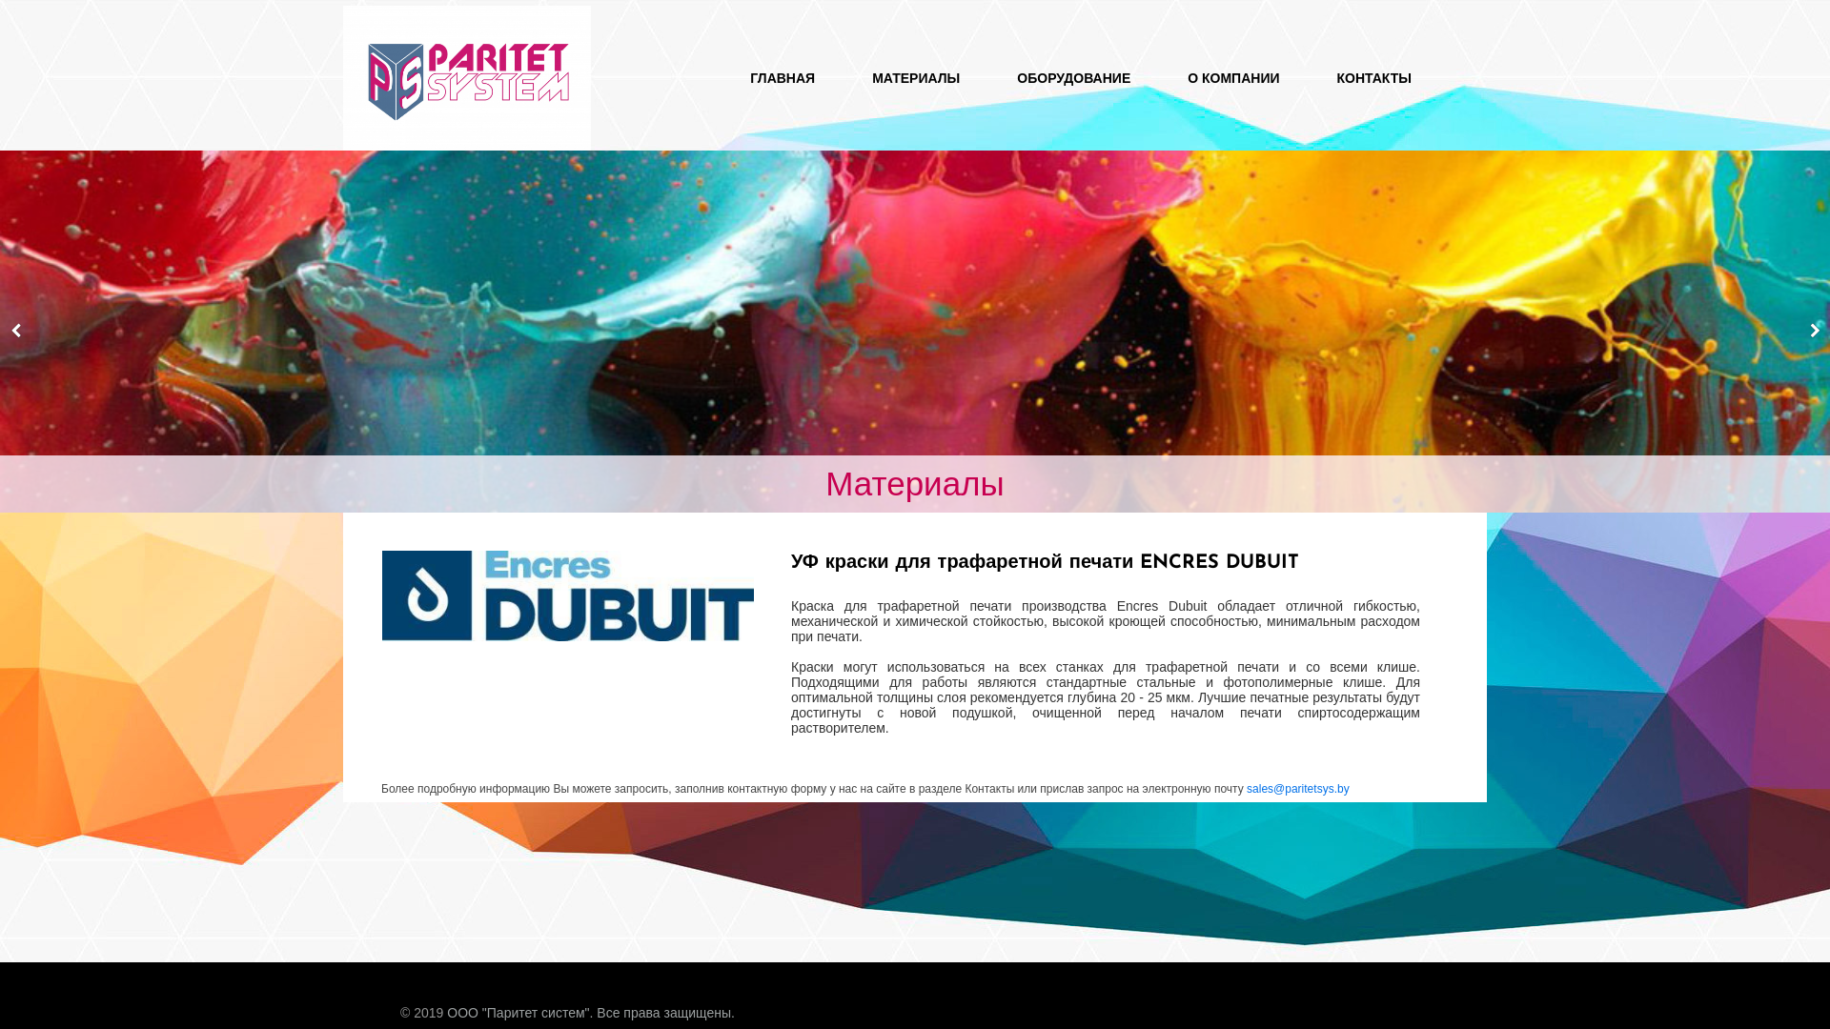  What do you see at coordinates (1297, 789) in the screenshot?
I see `'sales@paritetsys.by'` at bounding box center [1297, 789].